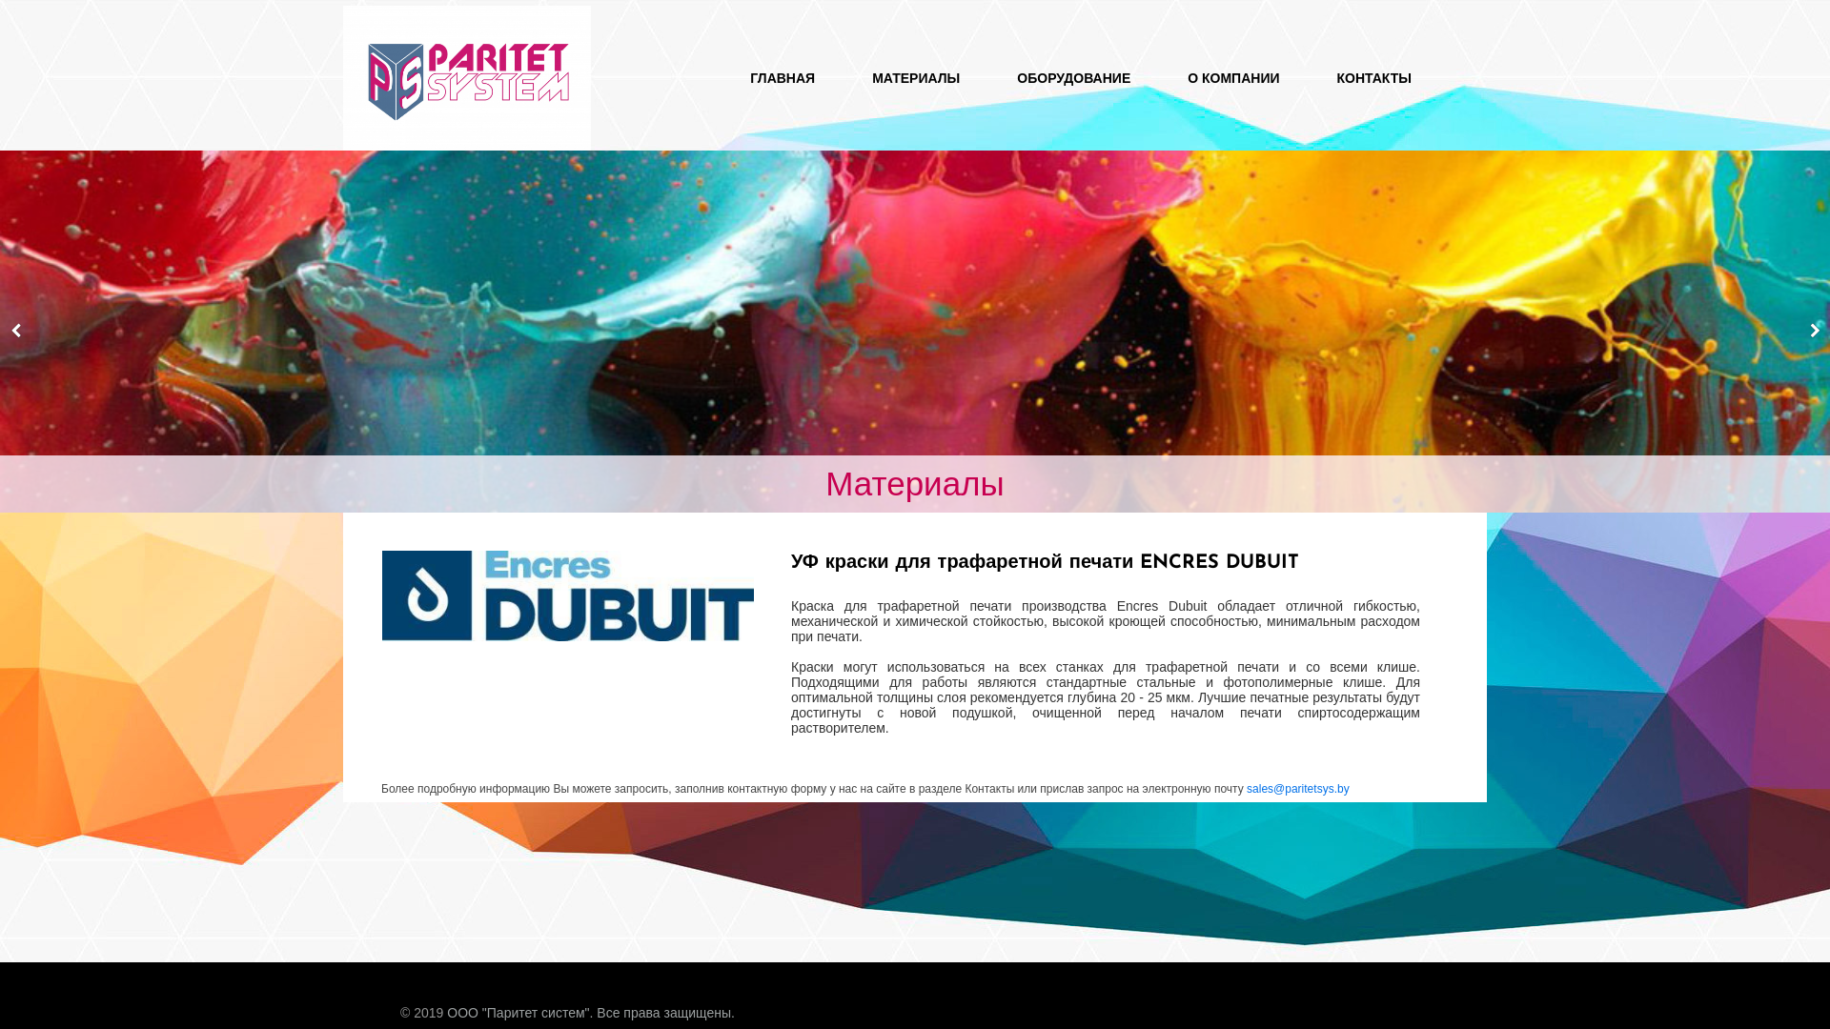  What do you see at coordinates (1297, 789) in the screenshot?
I see `'sales@paritetsys.by'` at bounding box center [1297, 789].